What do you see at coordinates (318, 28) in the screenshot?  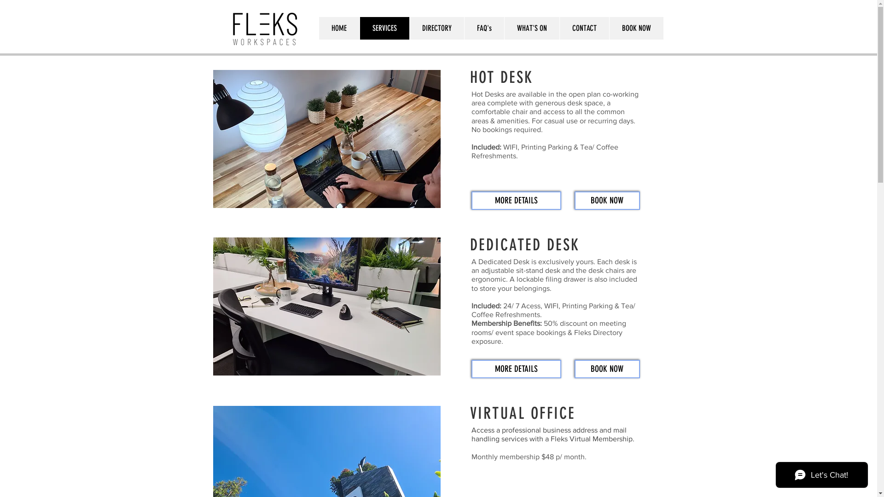 I see `'HOME'` at bounding box center [318, 28].